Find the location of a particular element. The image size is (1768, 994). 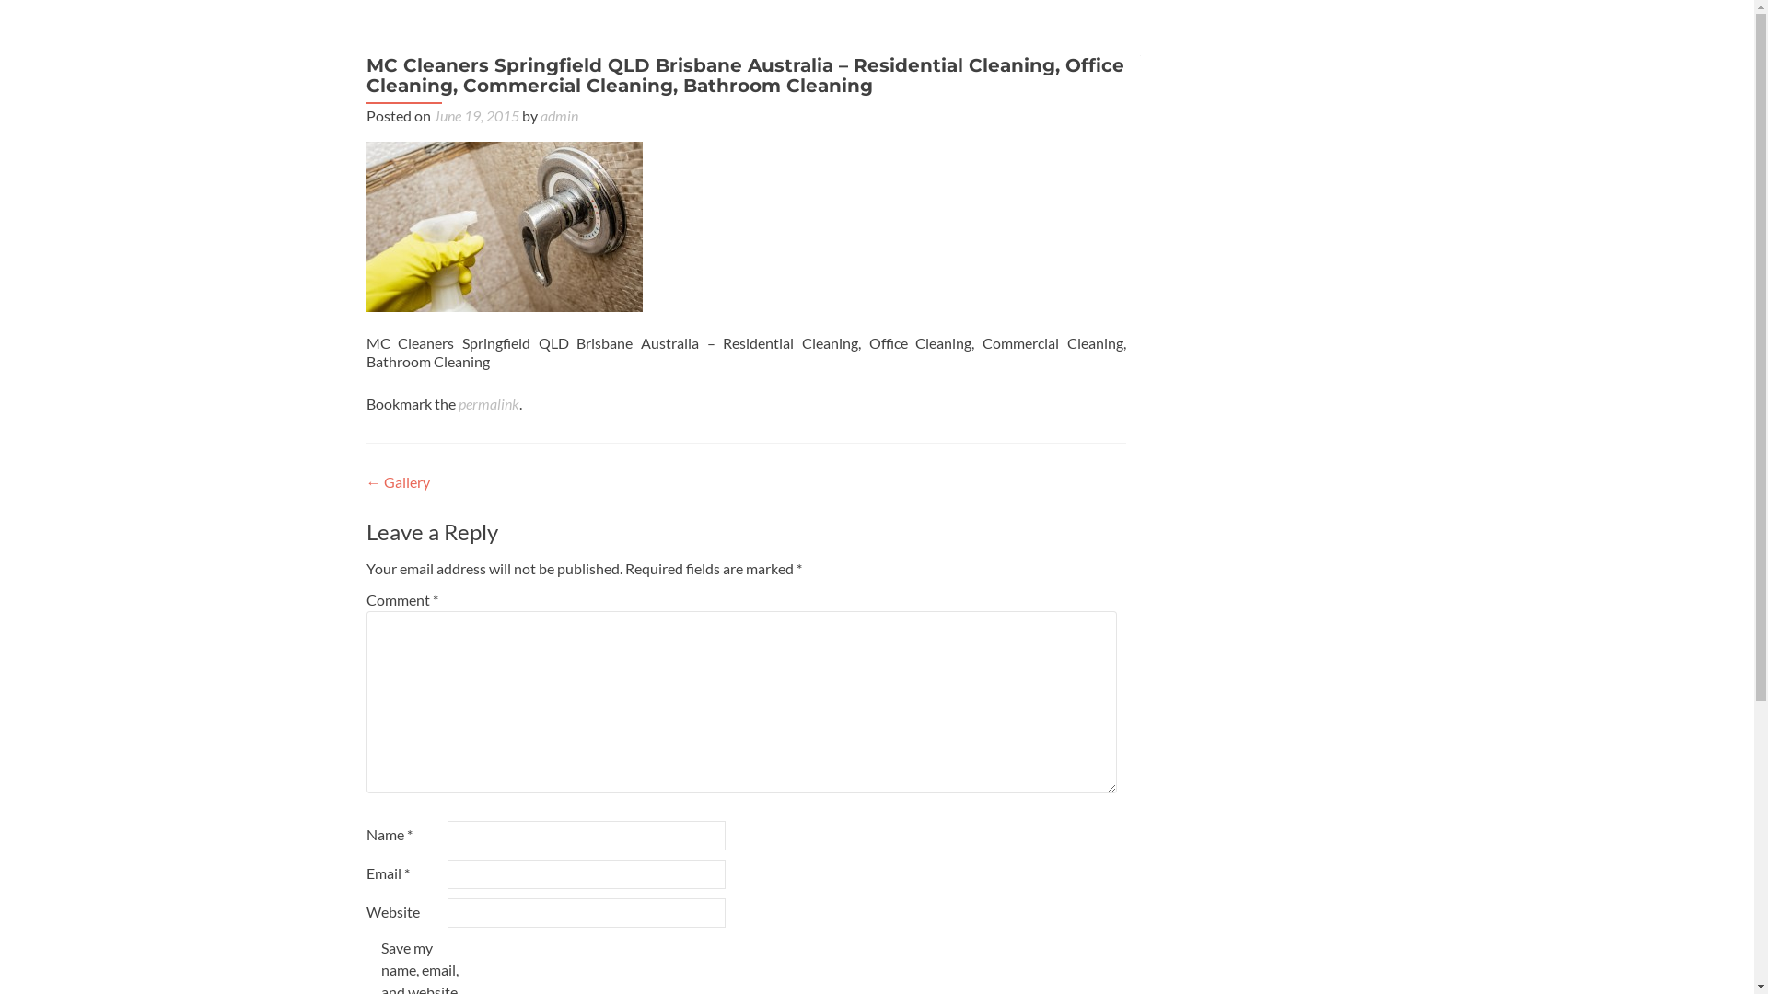

'permalink' is located at coordinates (489, 402).